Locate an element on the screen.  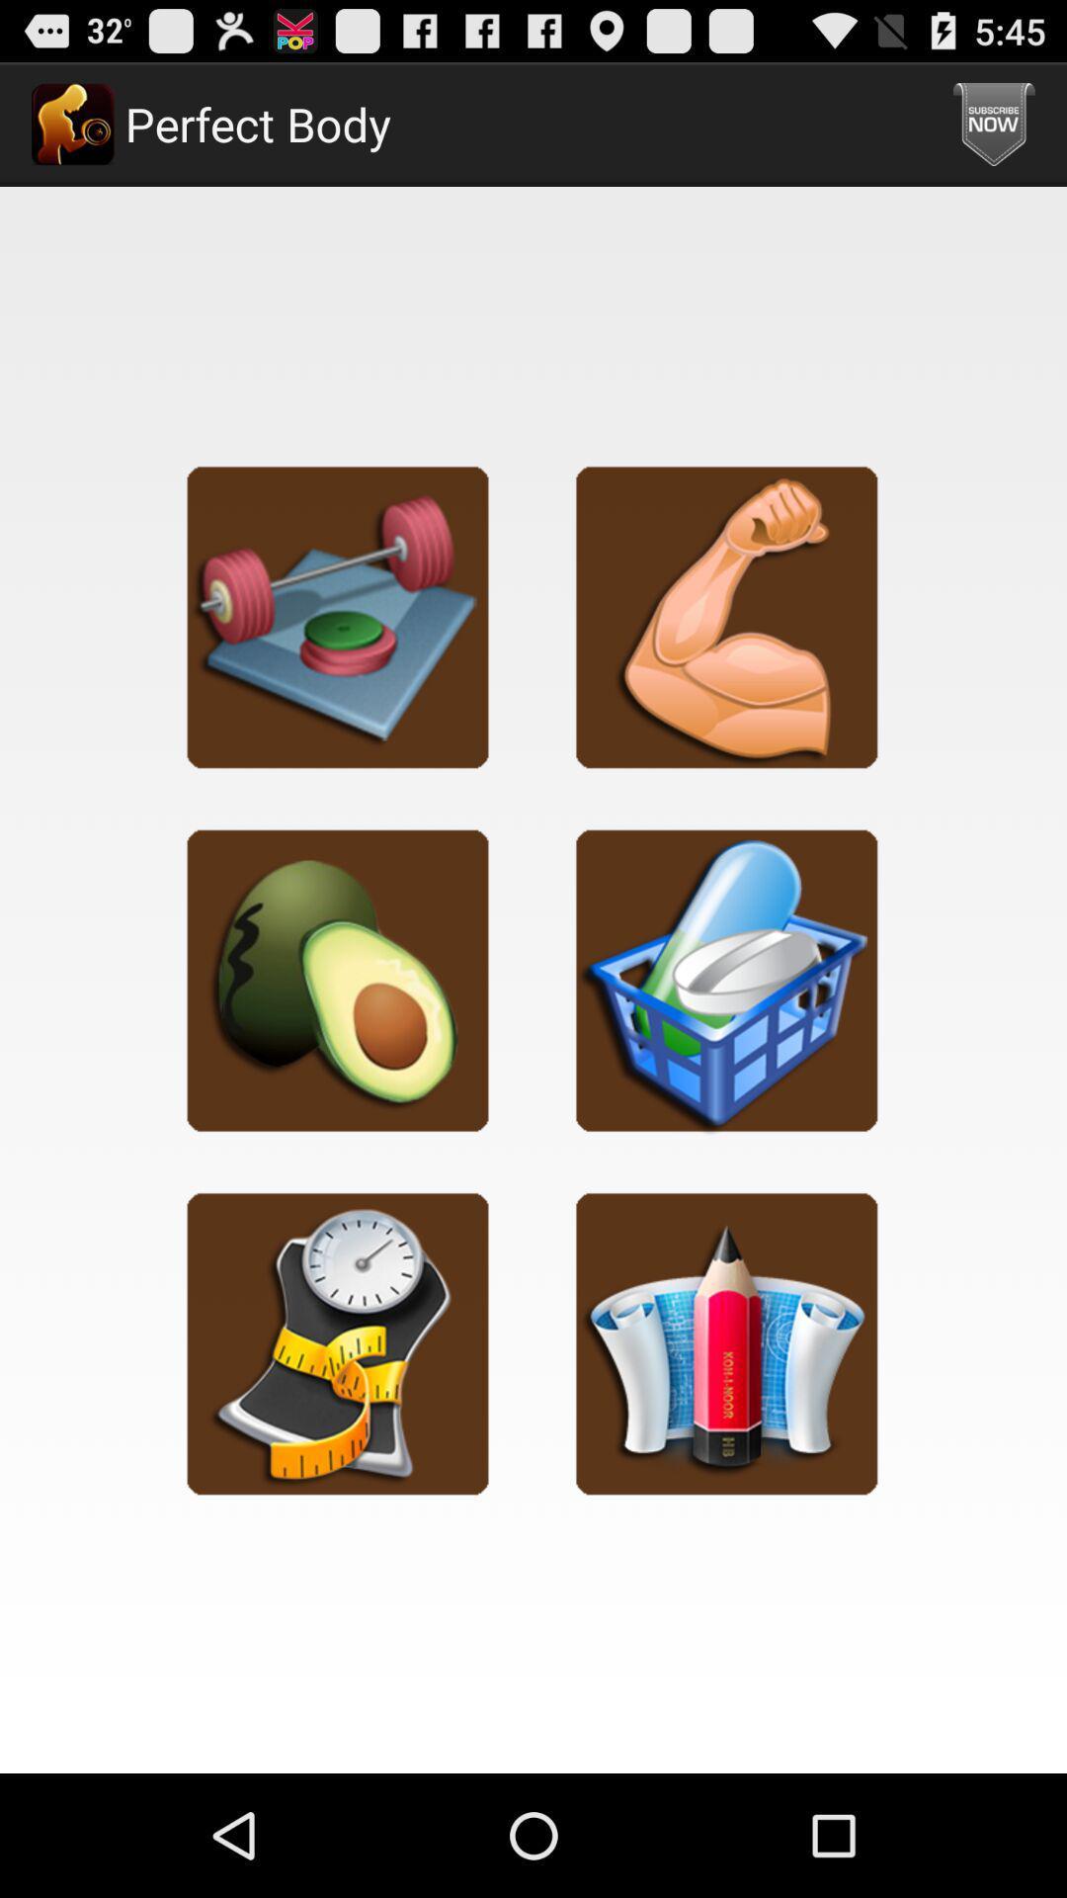
muscle building option is located at coordinates (727, 616).